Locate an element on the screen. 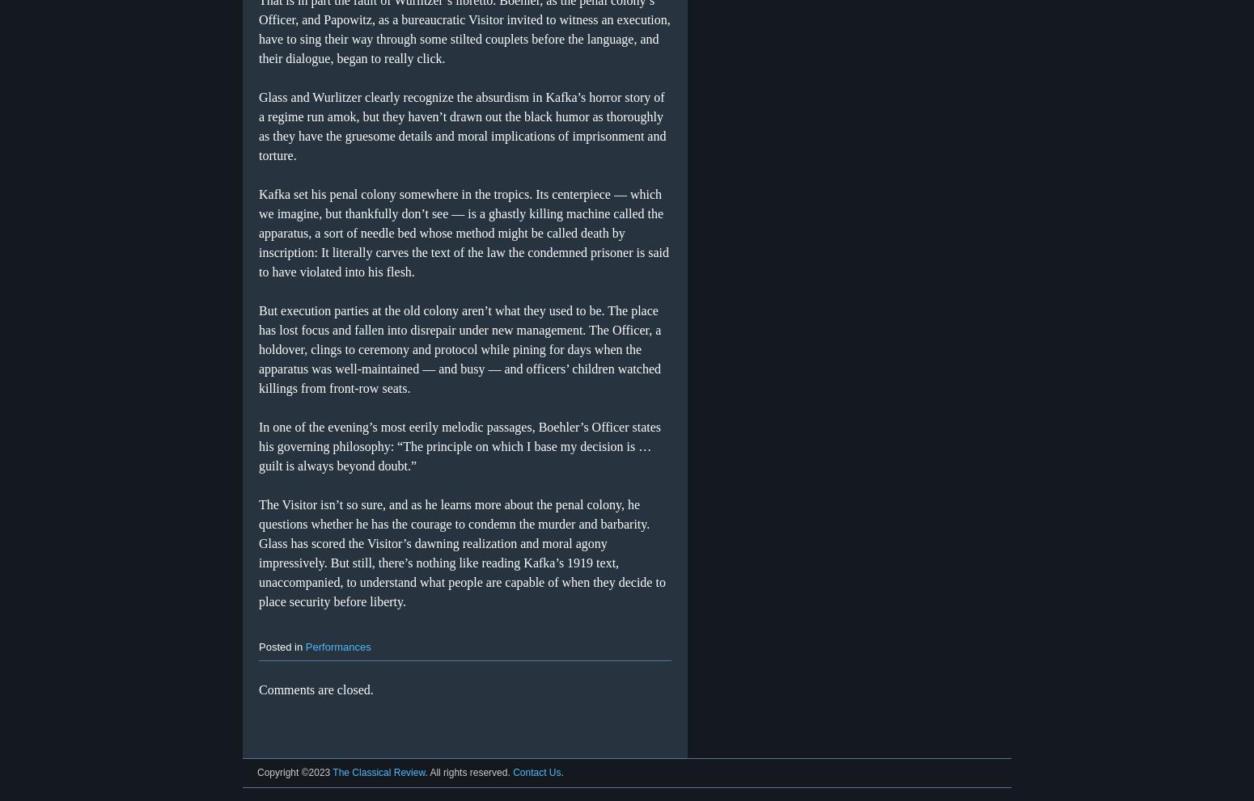 This screenshot has width=1254, height=801. '. All rights reserved.' is located at coordinates (468, 773).